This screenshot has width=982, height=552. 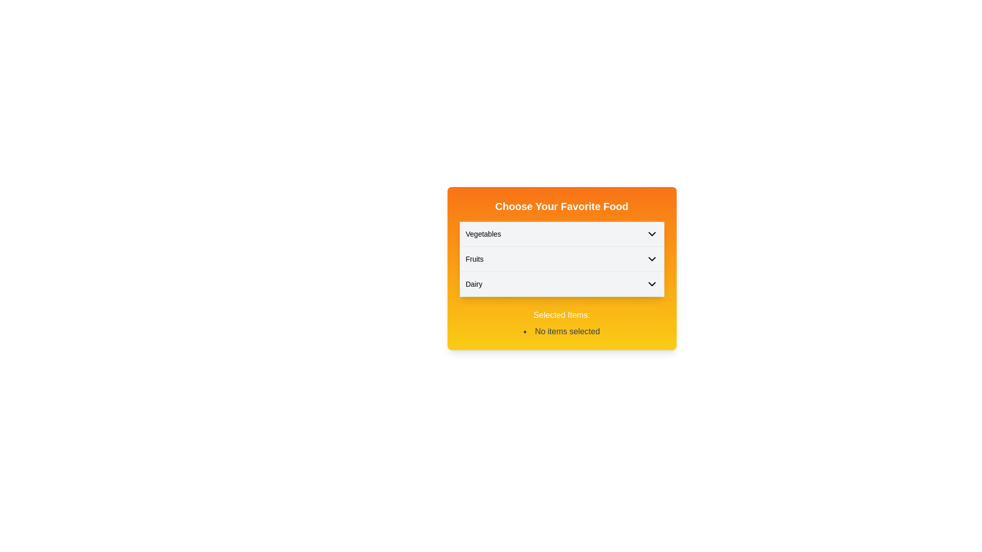 What do you see at coordinates (561, 234) in the screenshot?
I see `the dropdown selection row labeled 'Vegetables'` at bounding box center [561, 234].